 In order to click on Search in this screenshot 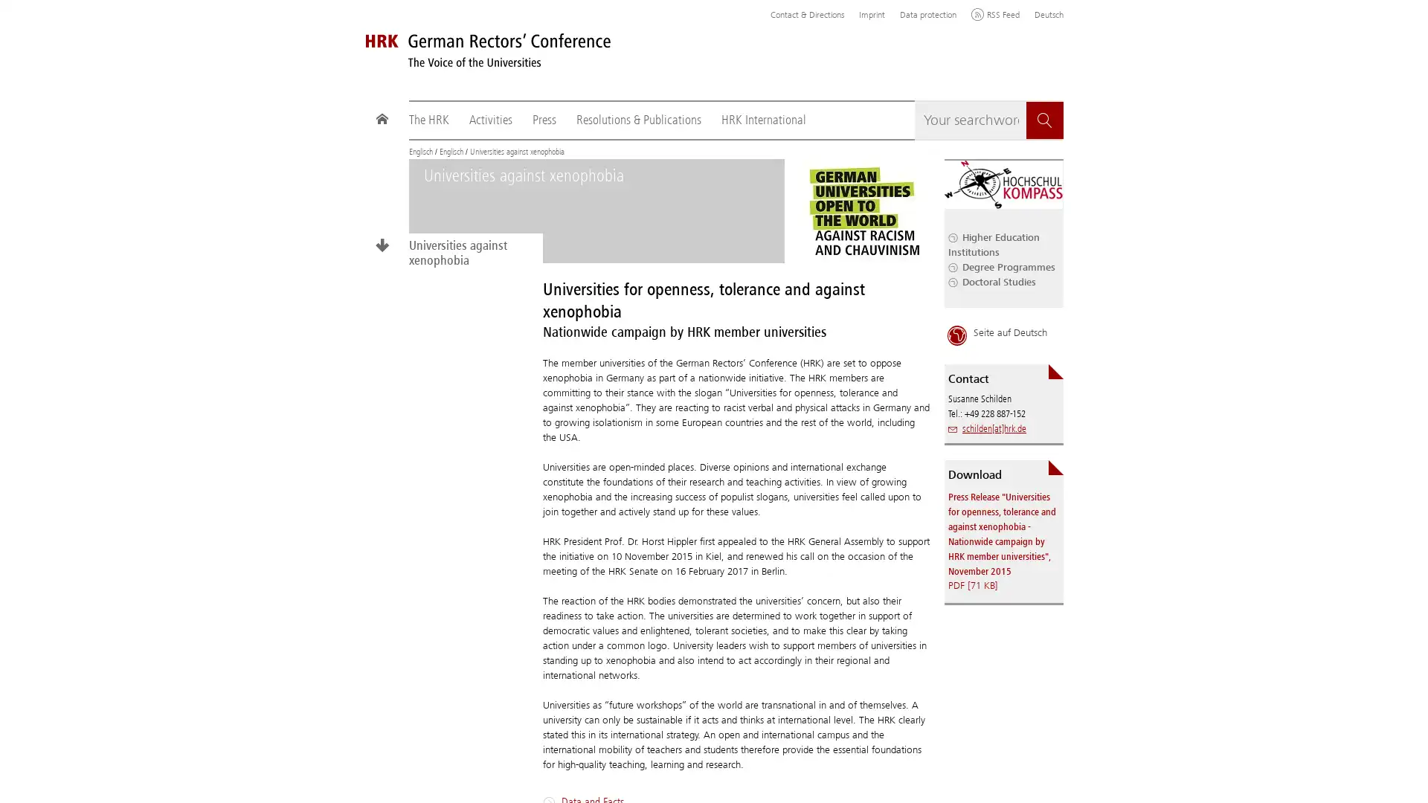, I will do `click(1044, 120)`.